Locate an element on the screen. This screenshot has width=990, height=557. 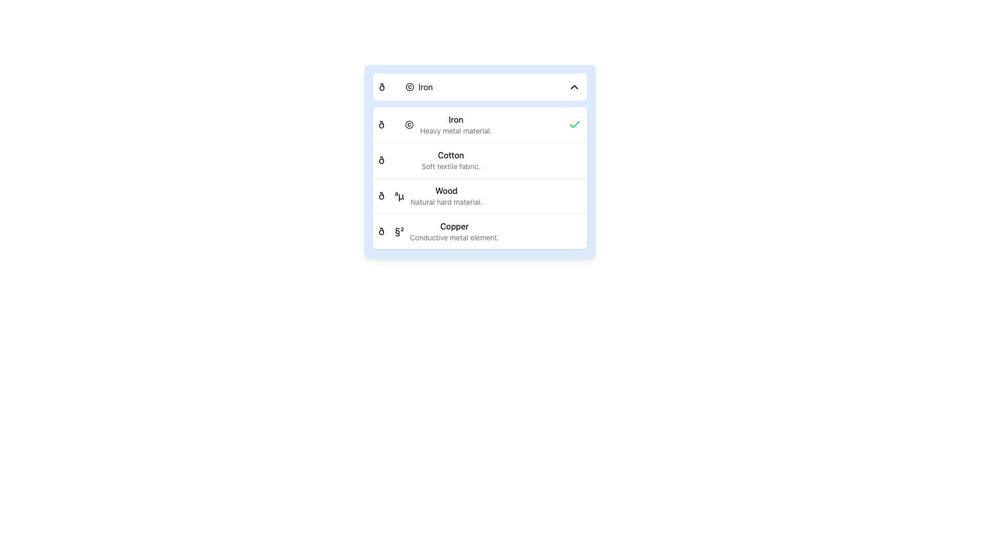
the selection indication is located at coordinates (574, 124).